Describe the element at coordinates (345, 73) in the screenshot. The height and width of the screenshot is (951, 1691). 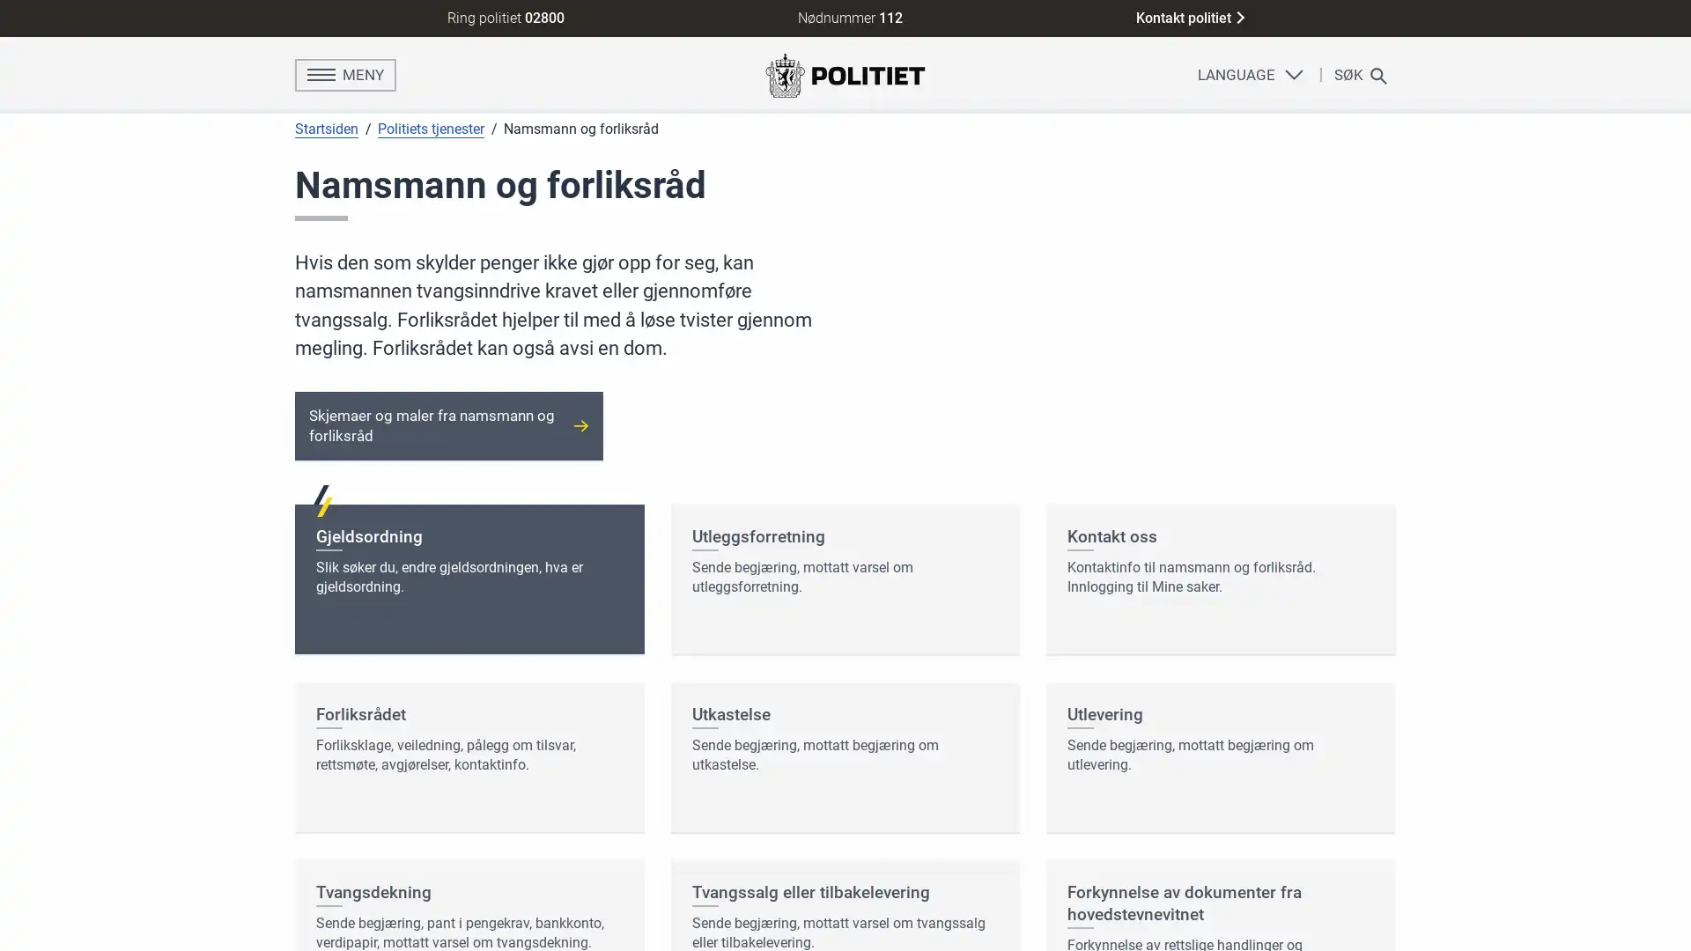
I see `MENY` at that location.